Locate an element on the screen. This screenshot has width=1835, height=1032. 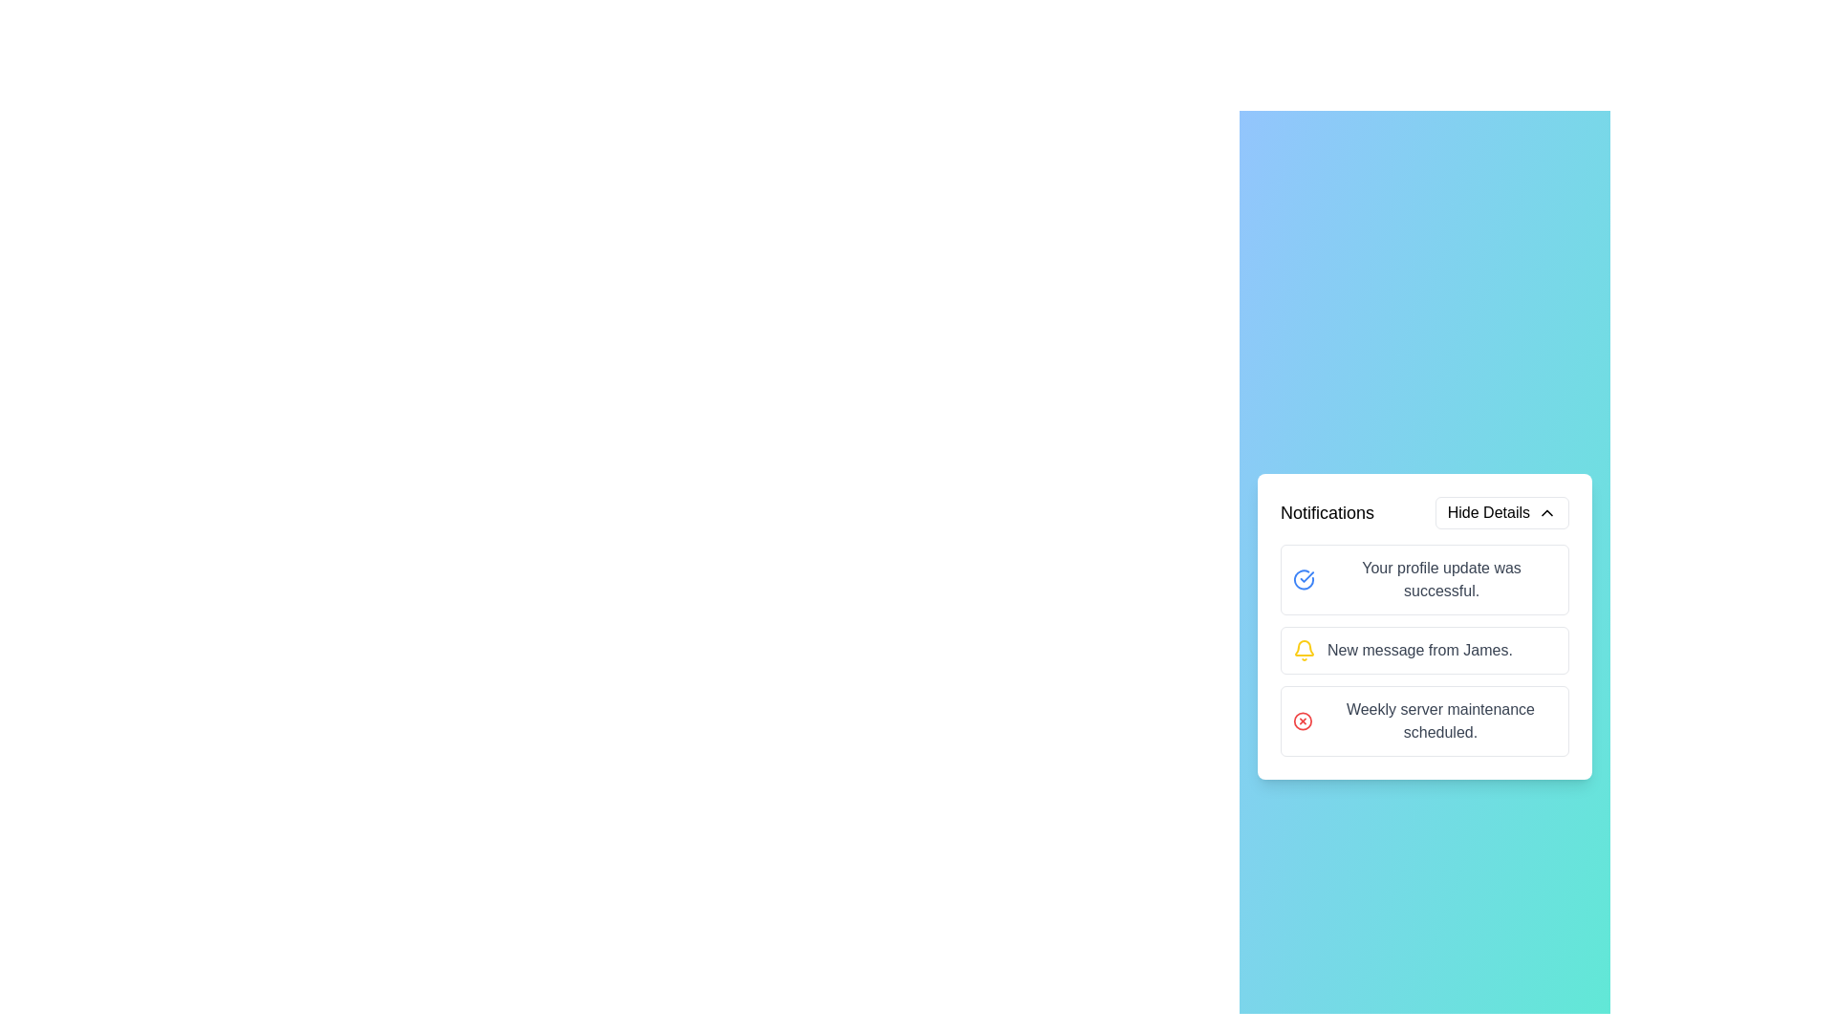
the text element that displays 'New message from James.' located in the second notification of the list, positioned to the right of the yellow notification bell icon is located at coordinates (1419, 650).